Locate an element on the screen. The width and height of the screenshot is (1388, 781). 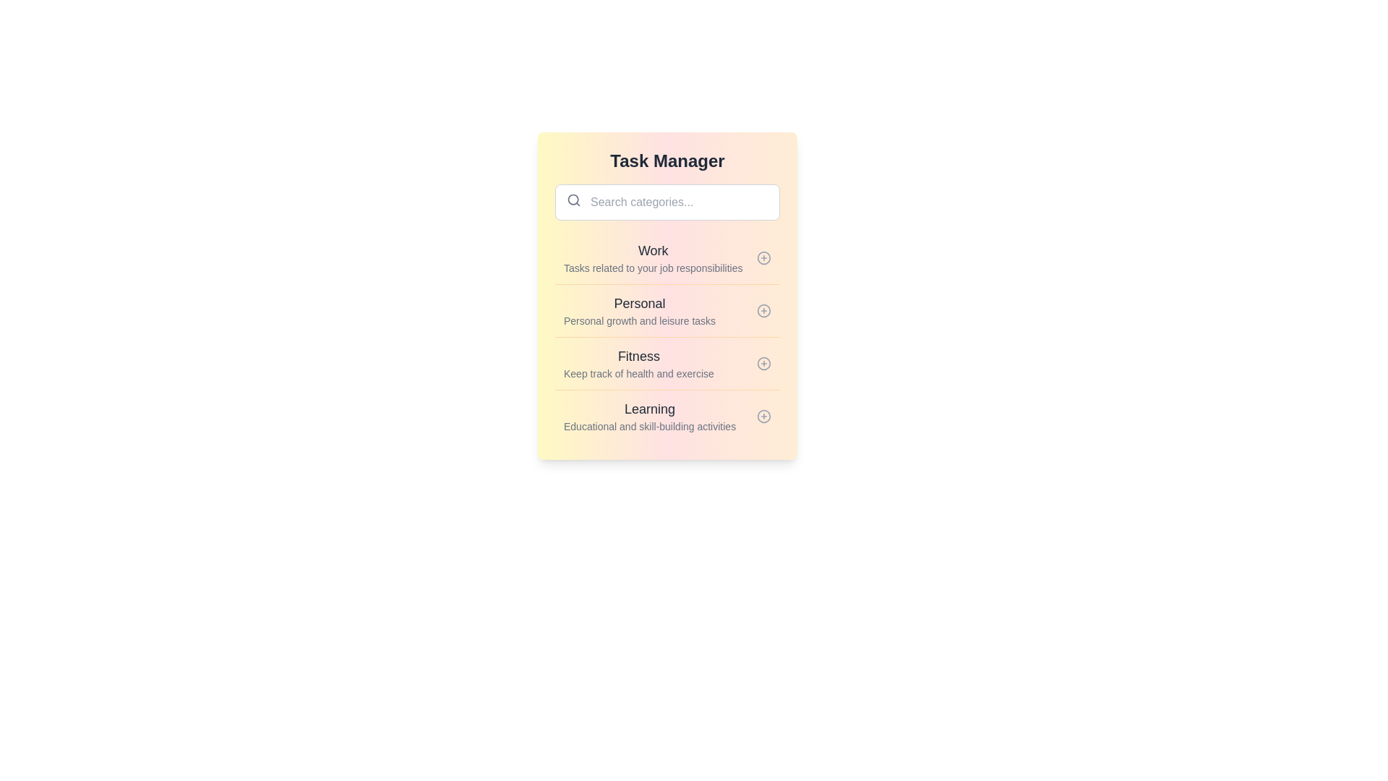
the circular segment of the plus icon located to the right of the 'Fitness' category in the list is located at coordinates (763, 362).